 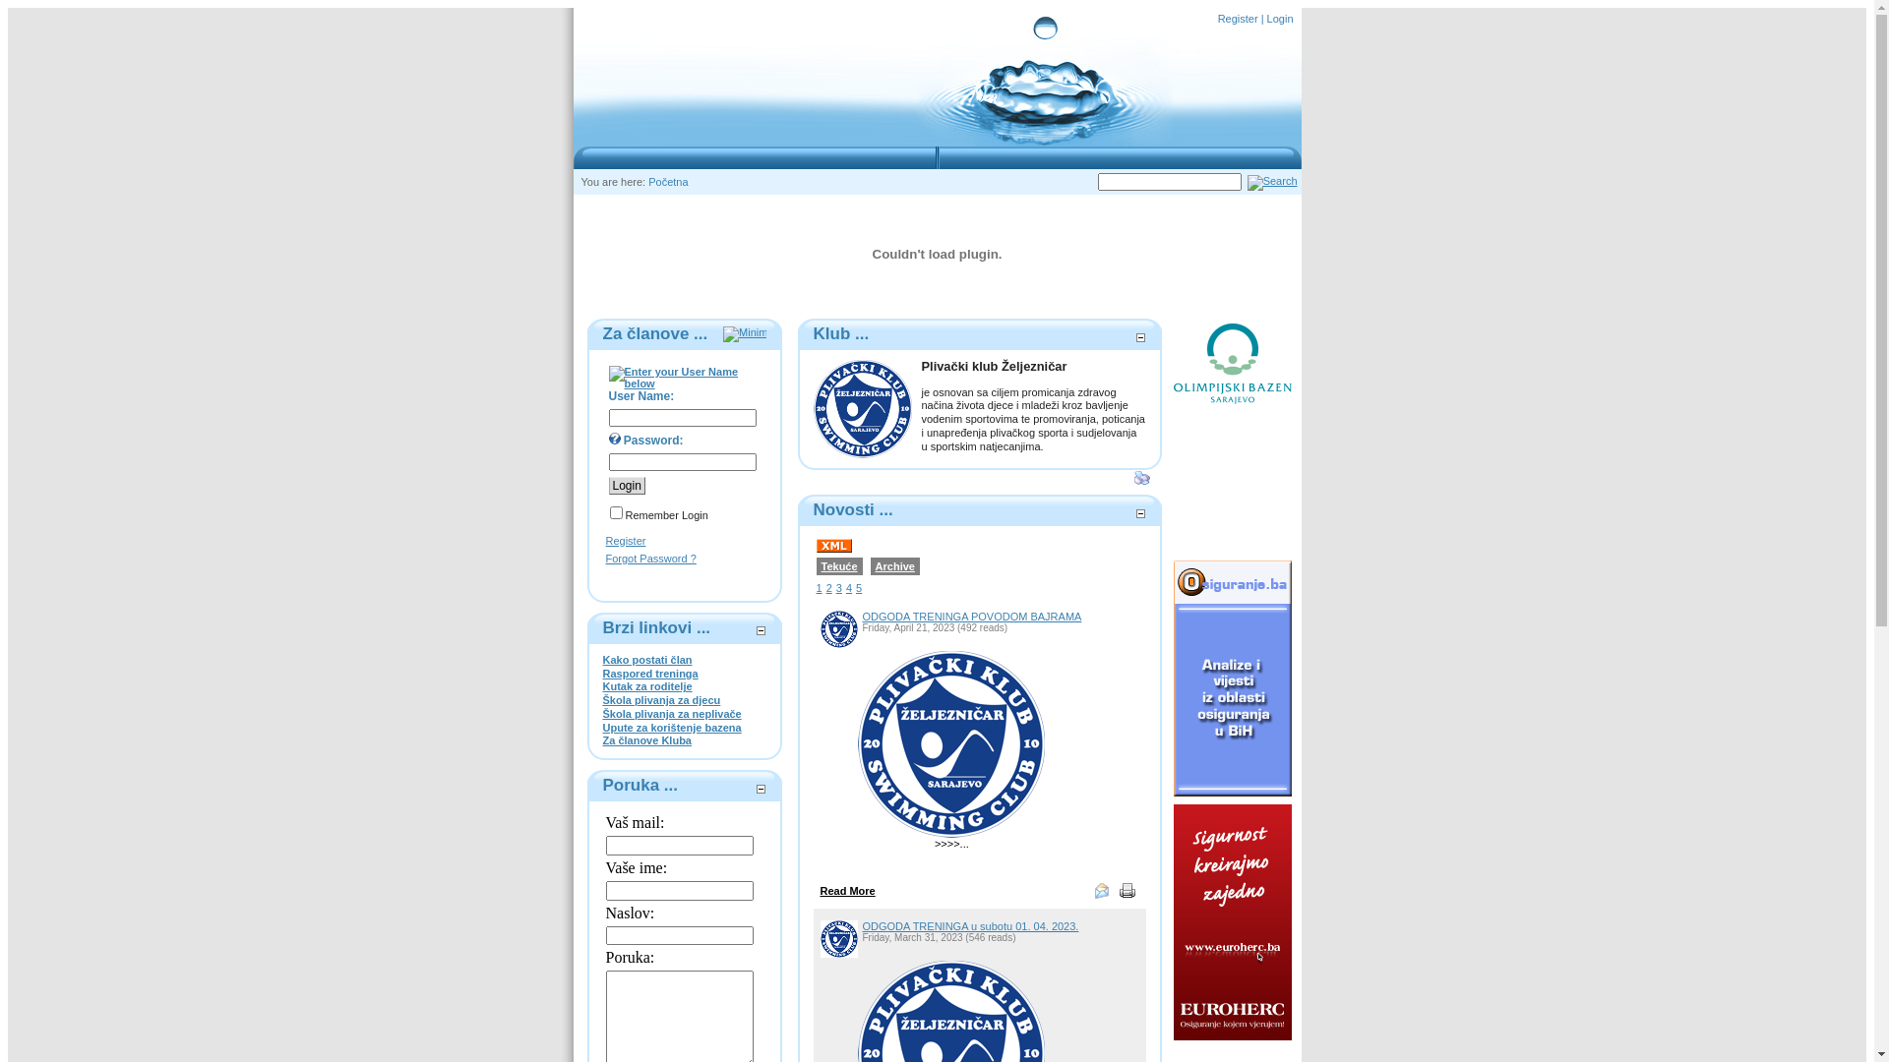 What do you see at coordinates (613, 438) in the screenshot?
I see `'Enter your Password below'` at bounding box center [613, 438].